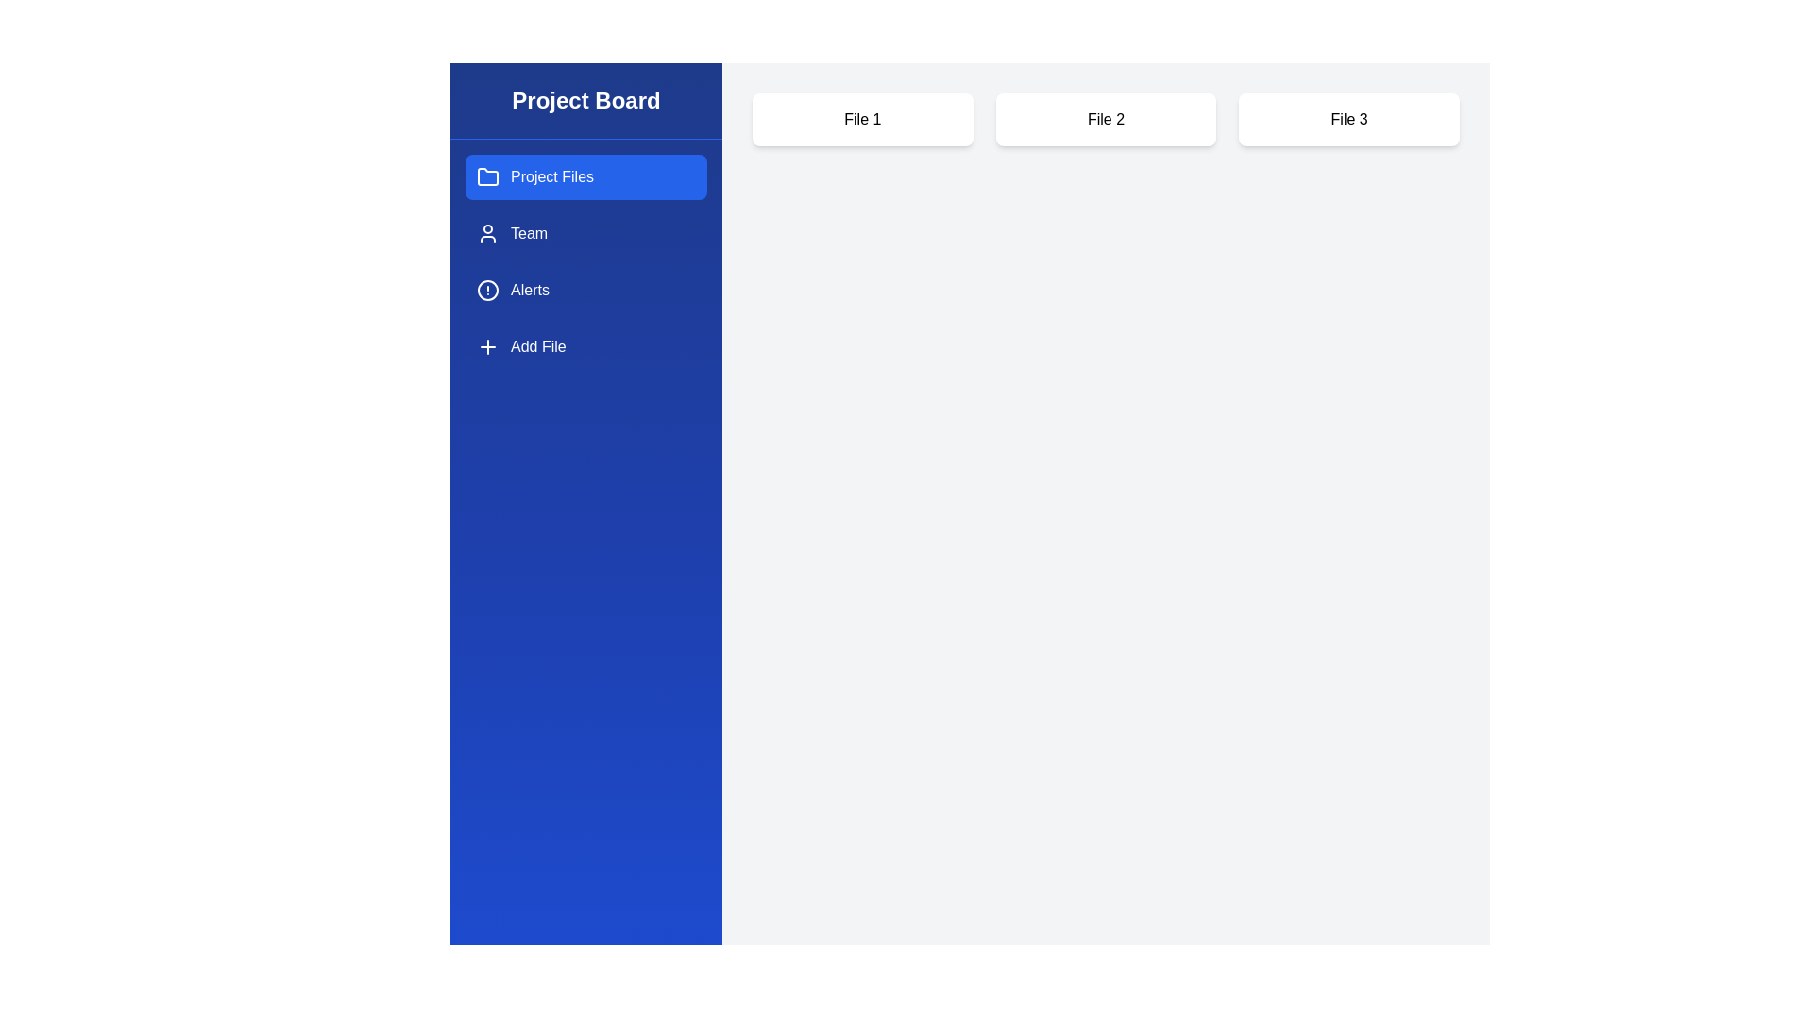 This screenshot has width=1813, height=1019. Describe the element at coordinates (488, 177) in the screenshot. I see `folder icon located at the leftmost part of the 'Project Files' button in the left sidebar menu for UI debugging` at that location.